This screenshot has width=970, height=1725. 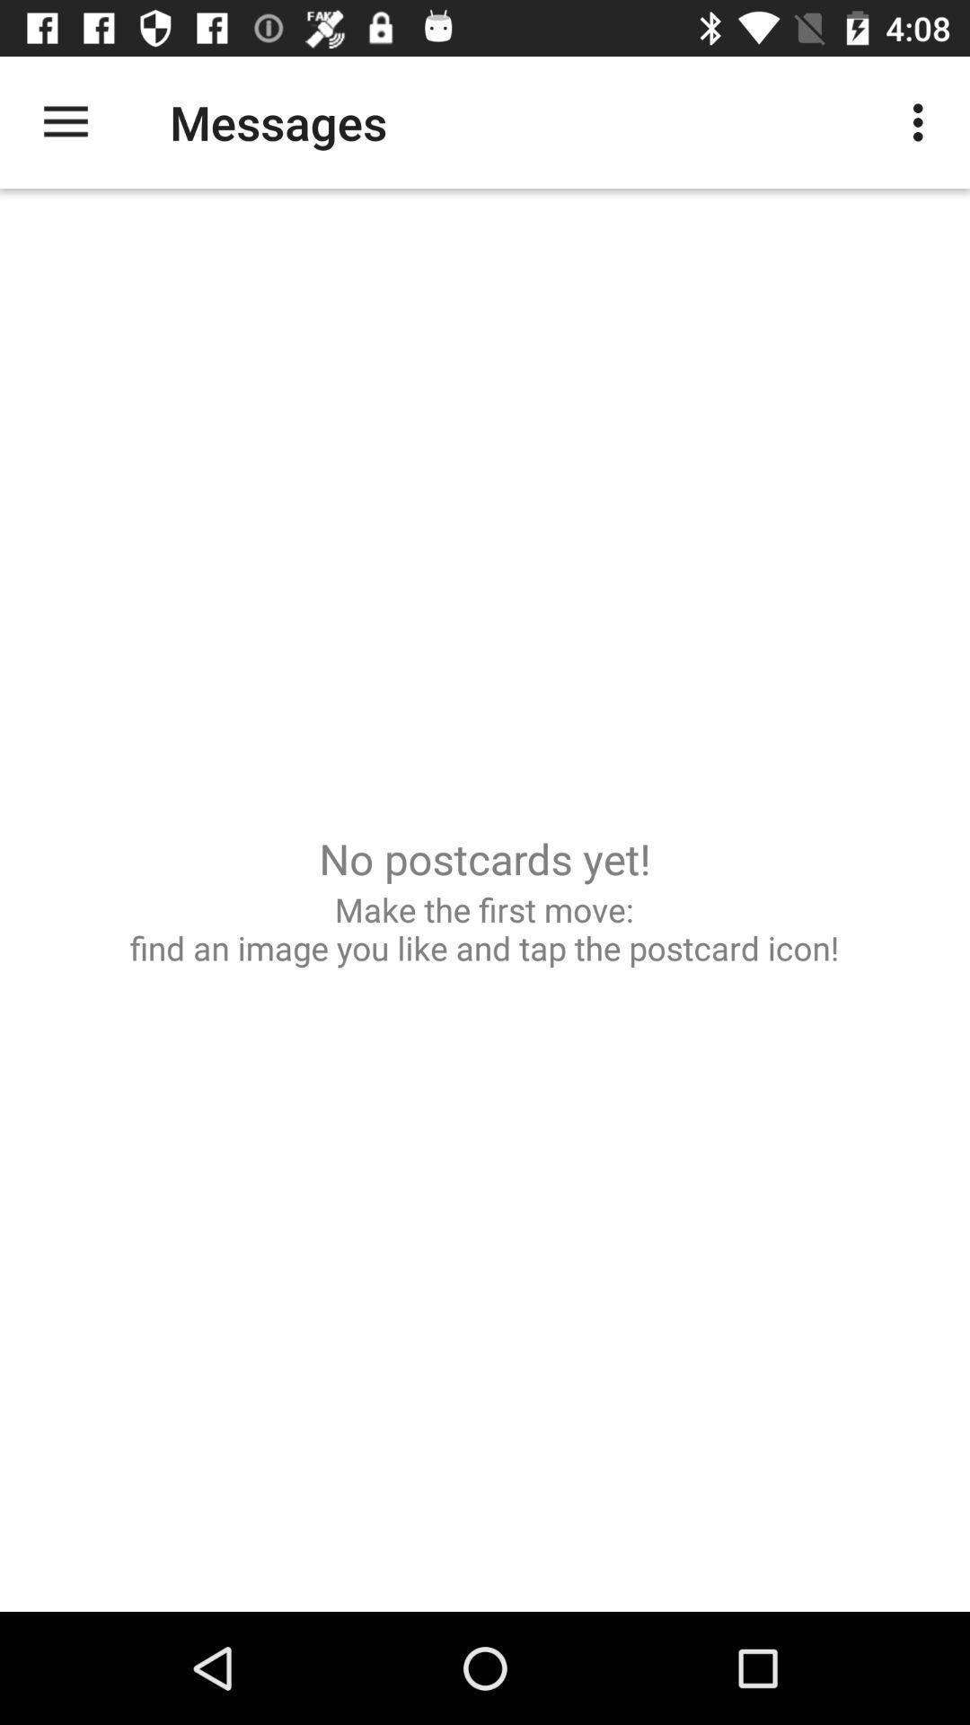 What do you see at coordinates (65, 121) in the screenshot?
I see `the icon to the left of the messages` at bounding box center [65, 121].